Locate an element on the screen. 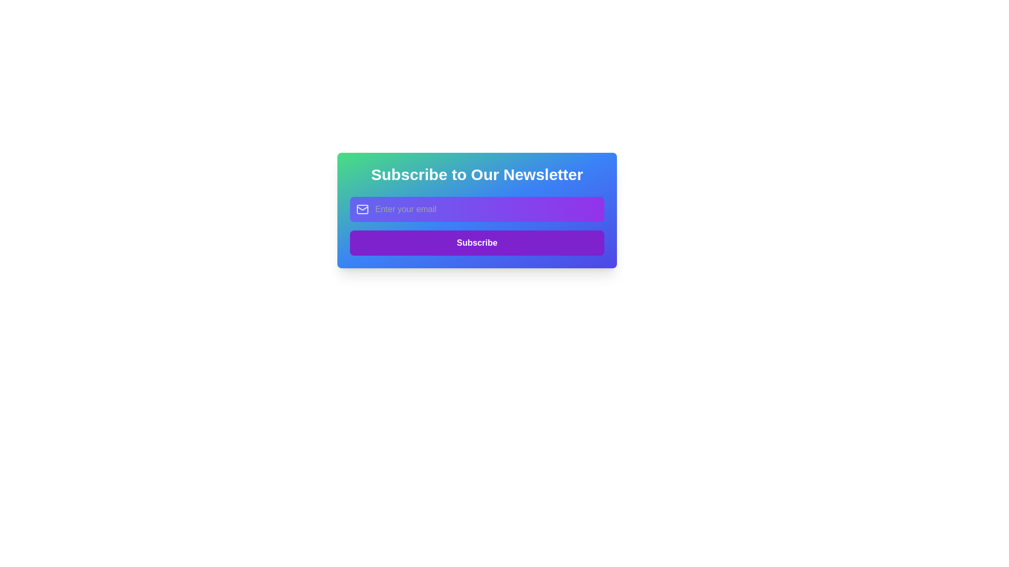 The width and height of the screenshot is (1009, 567). the email input field icon, which visually indicates where to enter an email address, located at the left edge of the field is located at coordinates (363, 209).